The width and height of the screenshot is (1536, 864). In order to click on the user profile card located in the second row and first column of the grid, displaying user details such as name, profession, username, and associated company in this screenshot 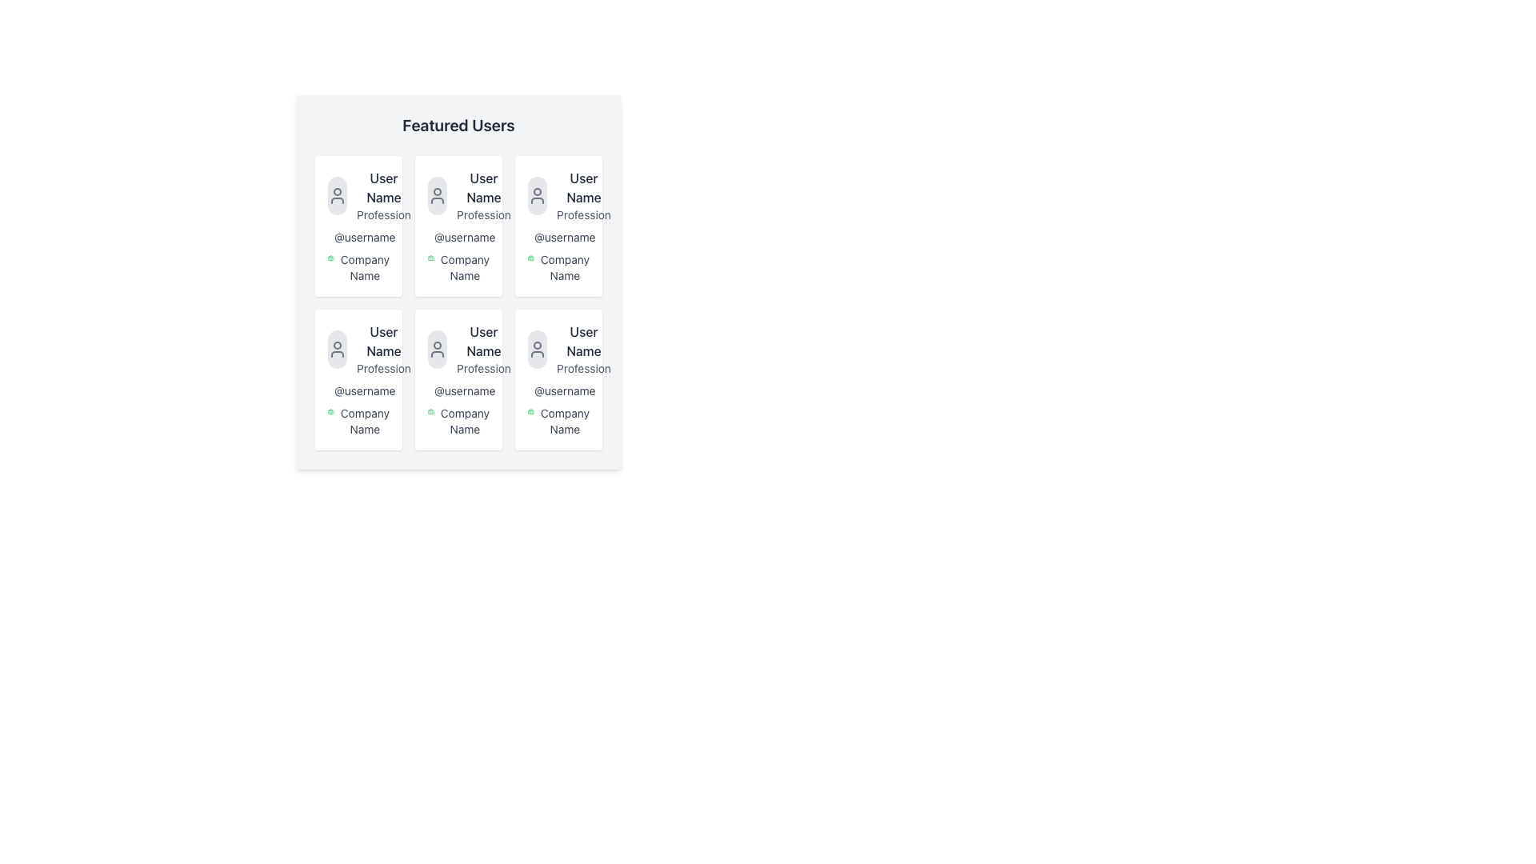, I will do `click(358, 379)`.